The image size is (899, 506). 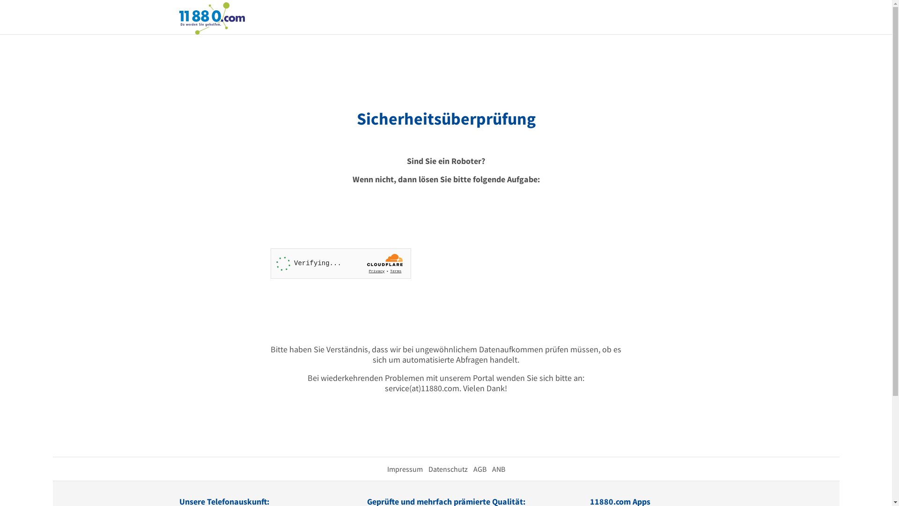 I want to click on '11880.com', so click(x=211, y=17).